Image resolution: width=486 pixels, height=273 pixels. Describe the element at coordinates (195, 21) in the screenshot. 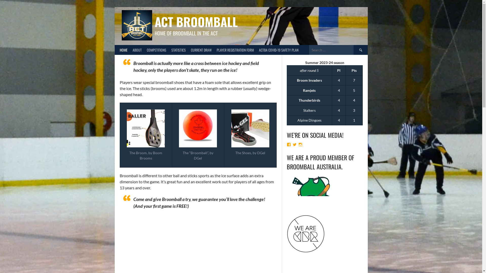

I see `'ACT BROOMBALL'` at that location.